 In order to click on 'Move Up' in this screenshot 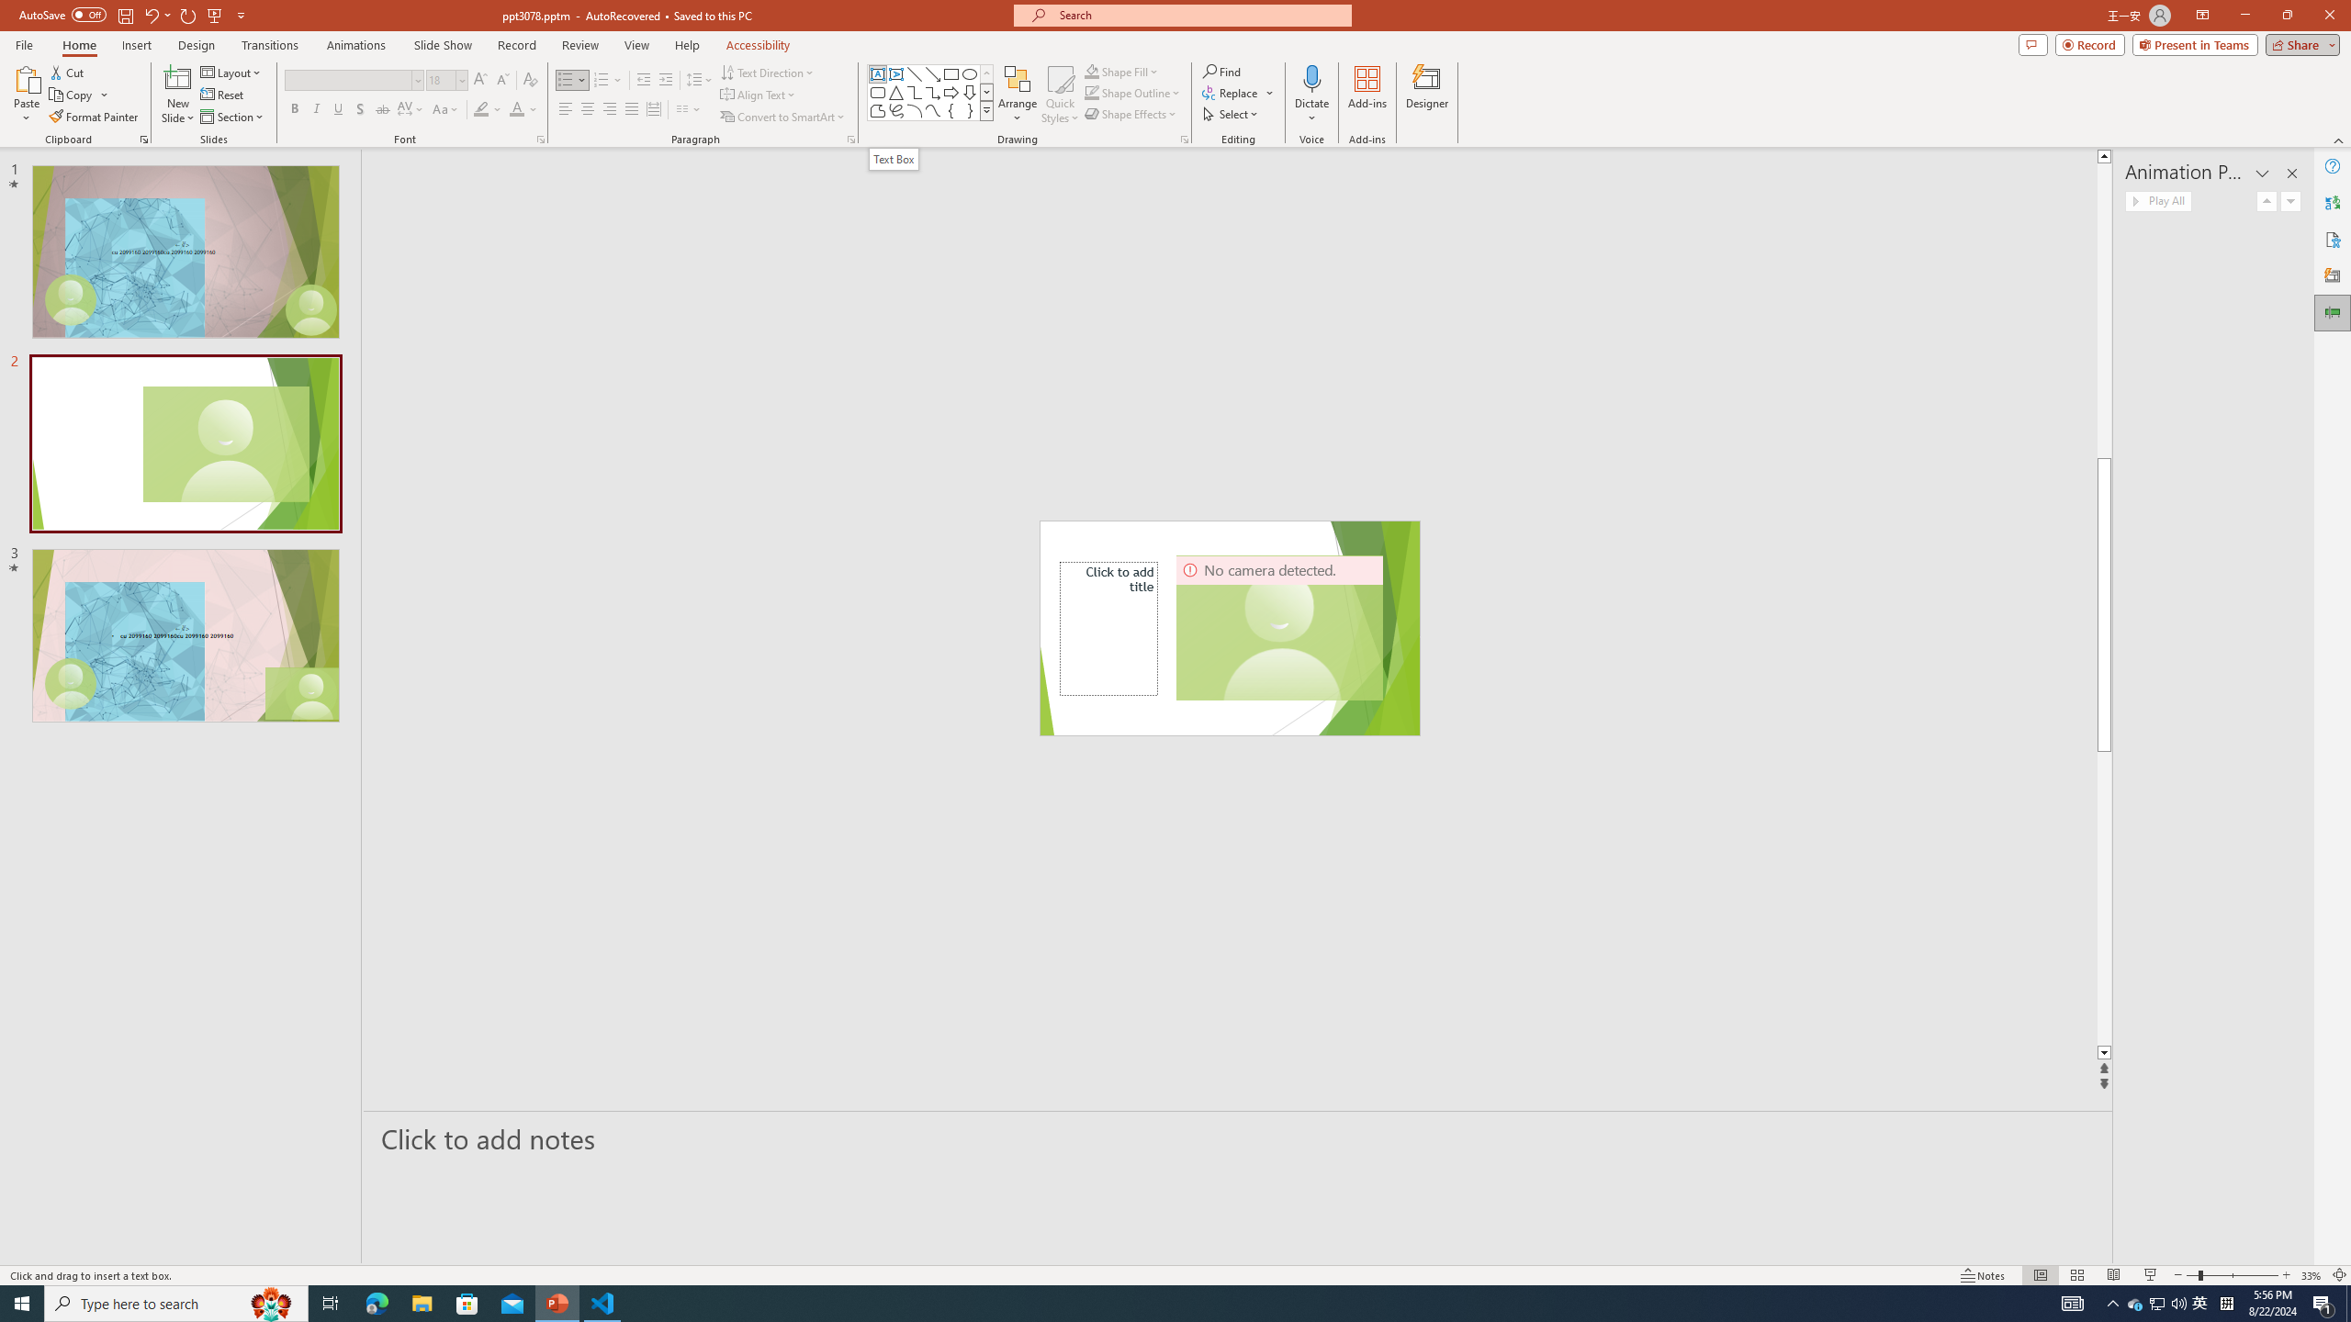, I will do `click(2267, 200)`.